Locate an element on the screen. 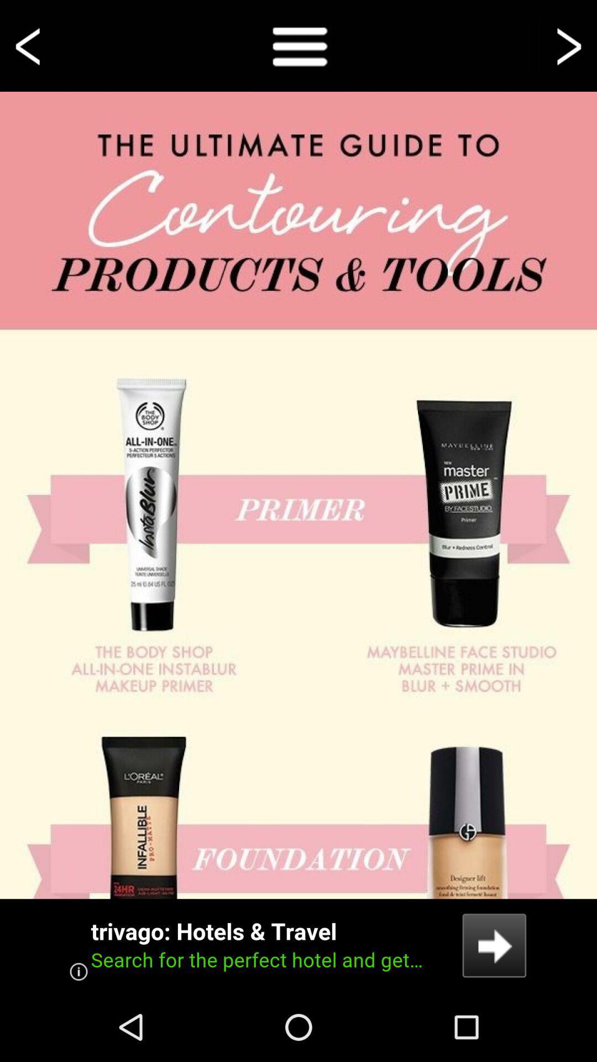 The image size is (597, 1062). the arrow_forward icon is located at coordinates (567, 48).